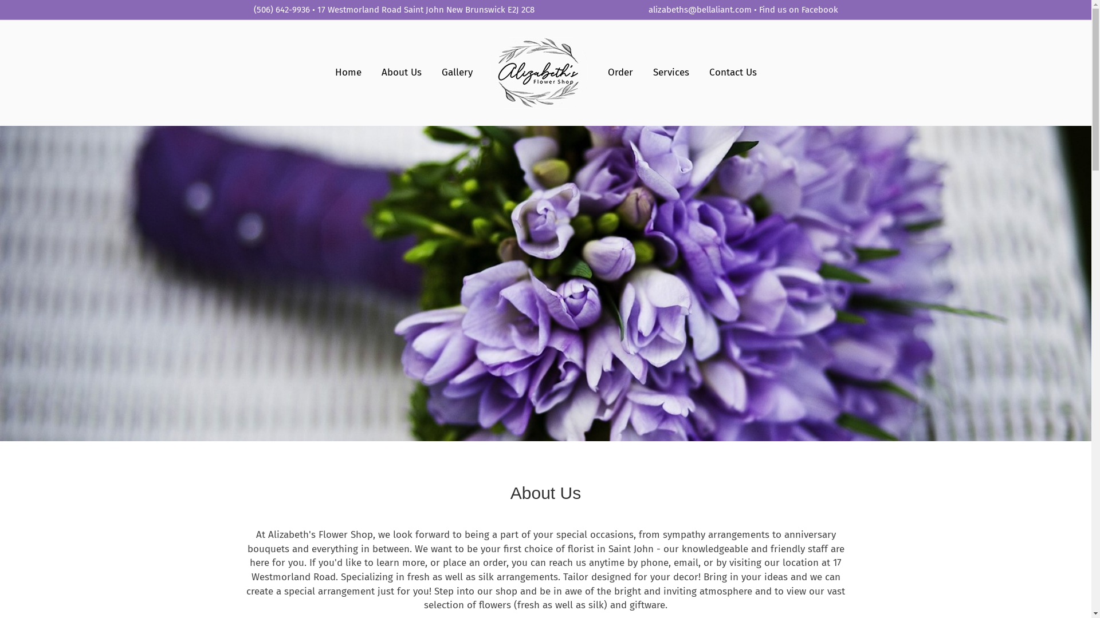  Describe the element at coordinates (252, 9) in the screenshot. I see `'(506) 642-9936'` at that location.